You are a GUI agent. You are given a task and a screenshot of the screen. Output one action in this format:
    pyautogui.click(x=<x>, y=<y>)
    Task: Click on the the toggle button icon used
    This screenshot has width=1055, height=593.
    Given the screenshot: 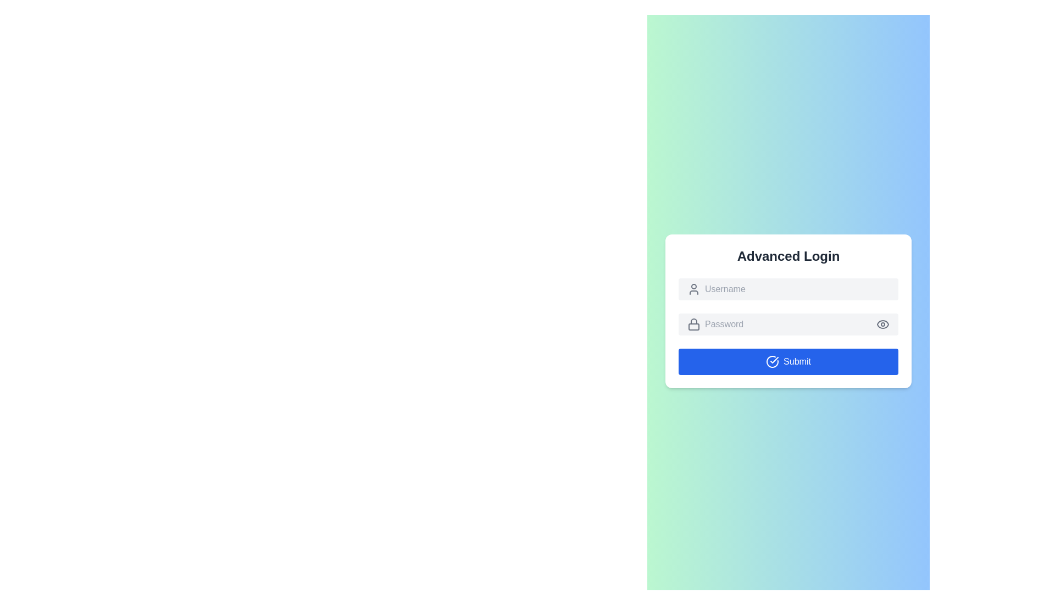 What is the action you would take?
    pyautogui.click(x=883, y=323)
    